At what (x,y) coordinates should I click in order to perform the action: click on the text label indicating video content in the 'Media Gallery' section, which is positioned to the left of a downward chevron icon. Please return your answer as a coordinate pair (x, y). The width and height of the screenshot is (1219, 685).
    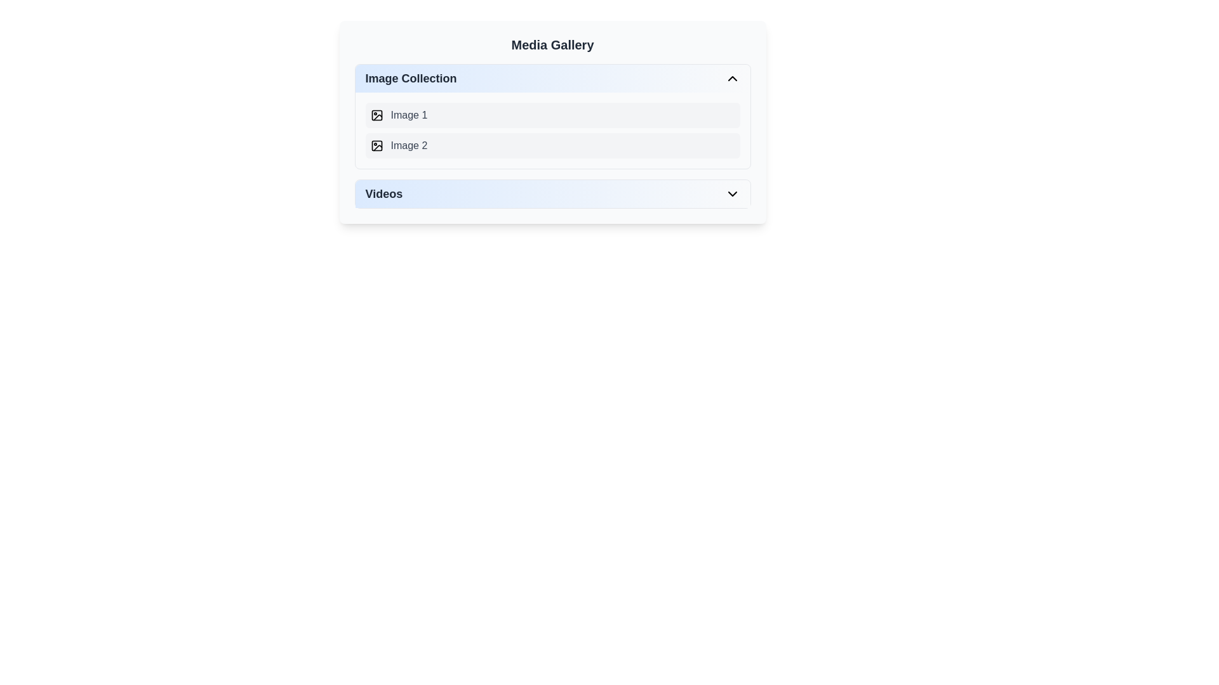
    Looking at the image, I should click on (383, 193).